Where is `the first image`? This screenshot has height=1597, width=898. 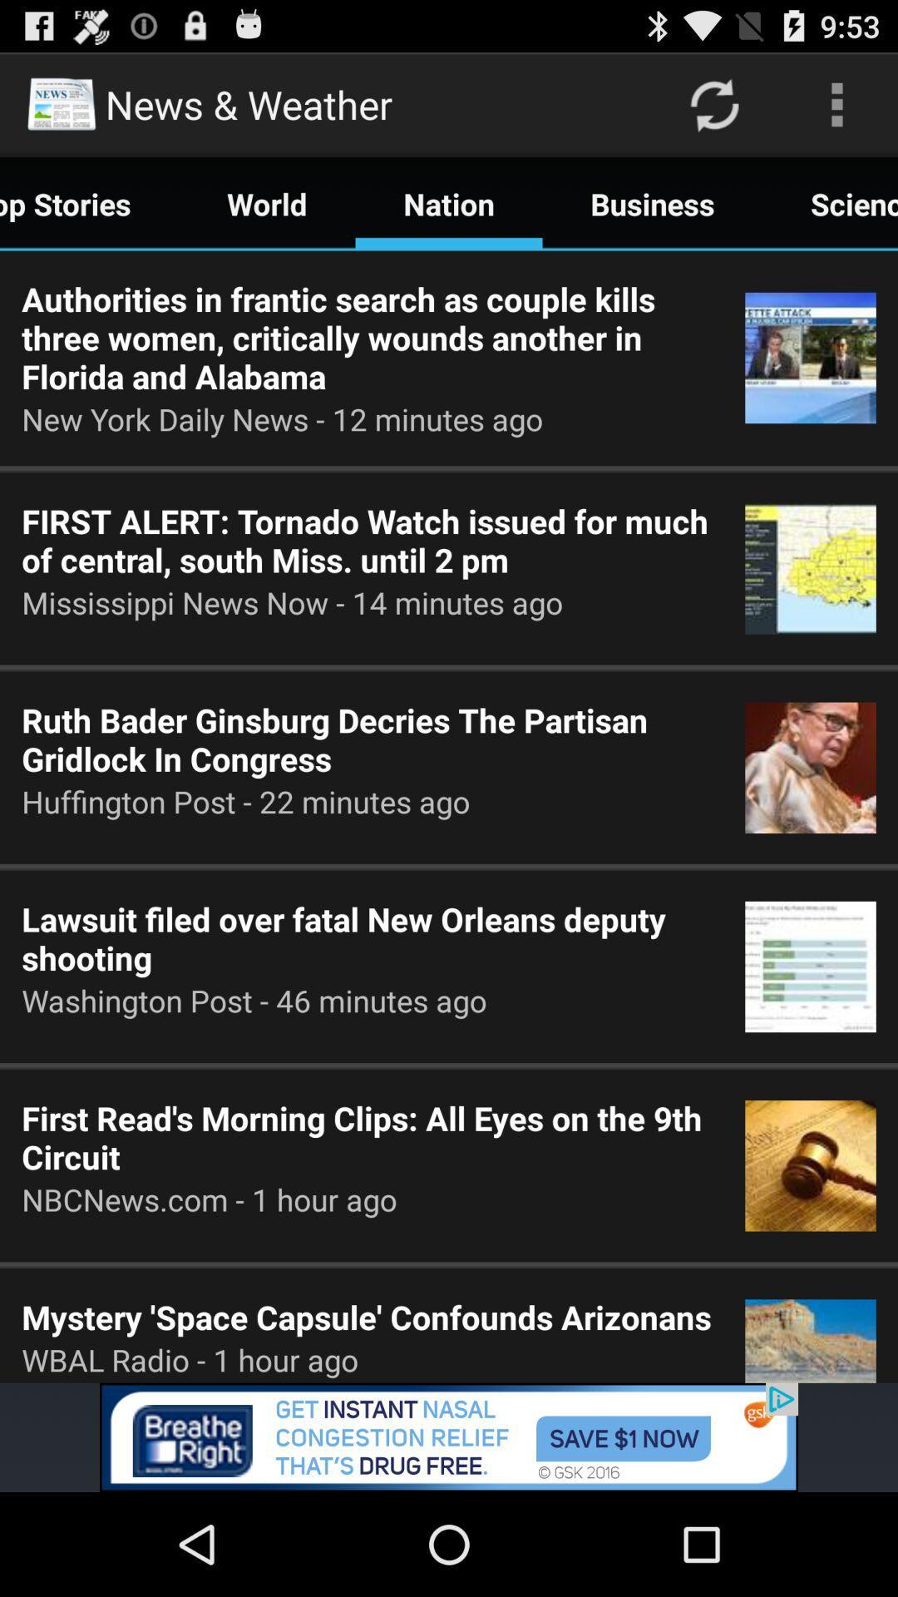
the first image is located at coordinates (810, 358).